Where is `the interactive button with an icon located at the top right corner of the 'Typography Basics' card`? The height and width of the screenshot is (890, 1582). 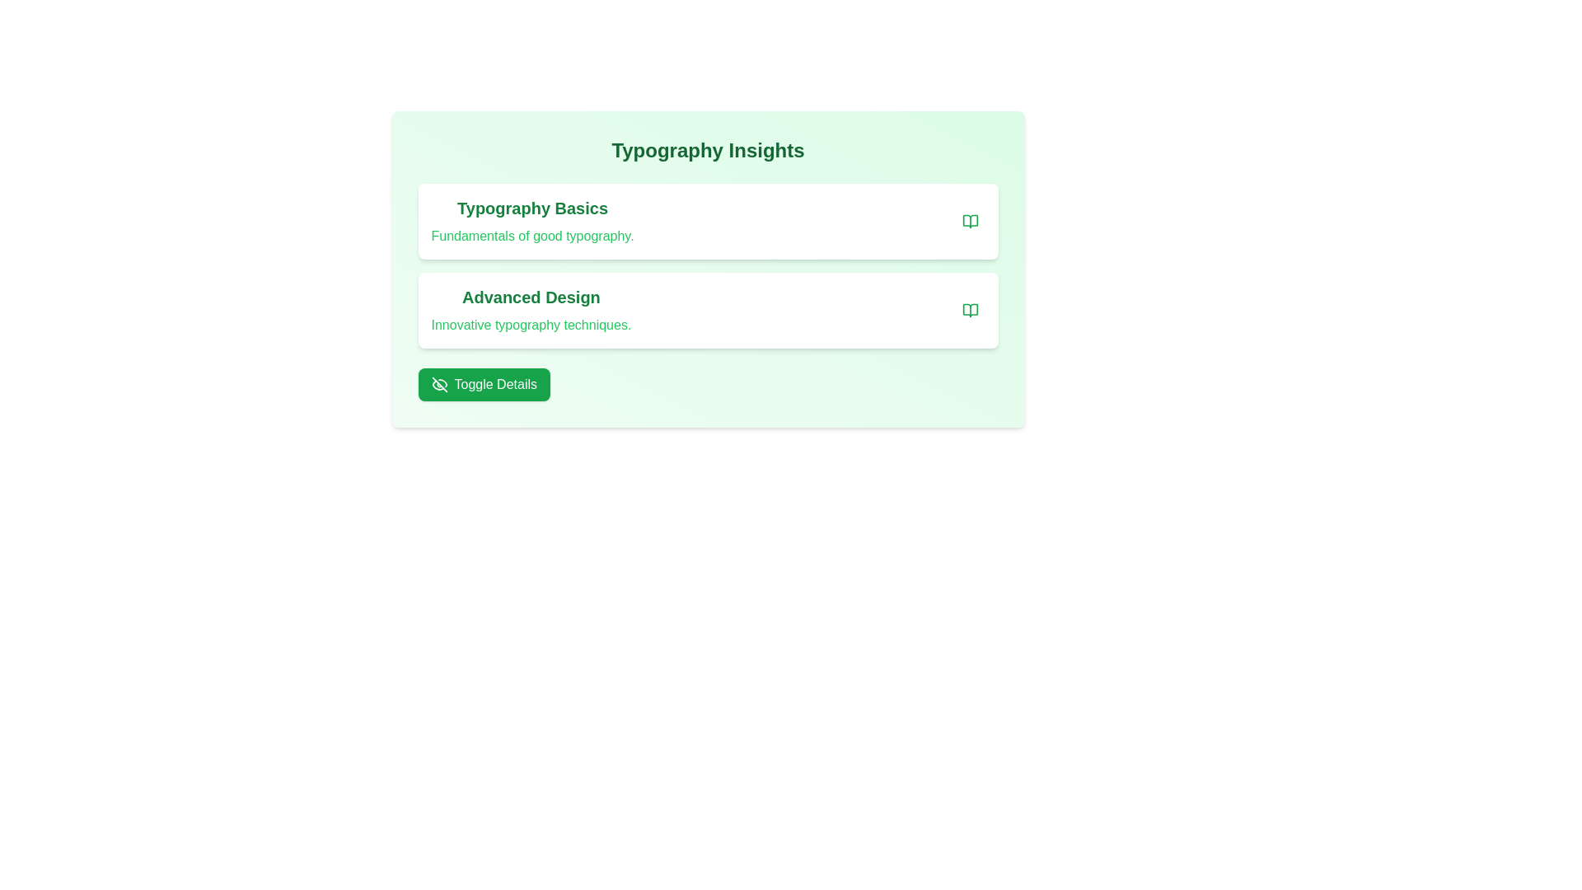 the interactive button with an icon located at the top right corner of the 'Typography Basics' card is located at coordinates (970, 221).